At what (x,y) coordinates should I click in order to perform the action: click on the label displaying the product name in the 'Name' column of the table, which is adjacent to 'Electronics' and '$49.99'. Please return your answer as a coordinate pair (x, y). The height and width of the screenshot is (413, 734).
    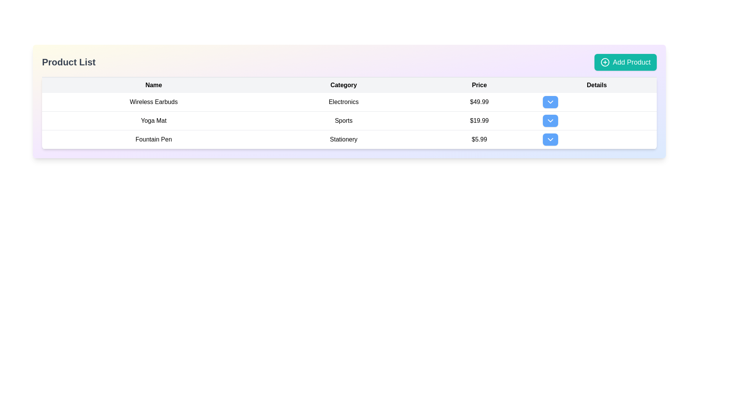
    Looking at the image, I should click on (153, 102).